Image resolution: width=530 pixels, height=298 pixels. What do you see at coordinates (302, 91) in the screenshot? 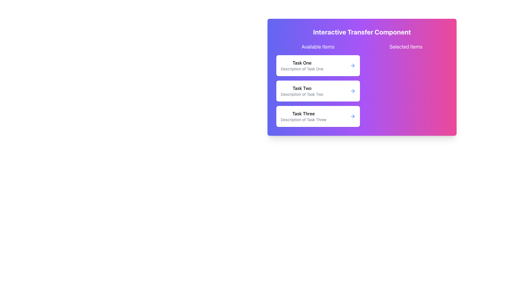
I see `the second item in the task list` at bounding box center [302, 91].